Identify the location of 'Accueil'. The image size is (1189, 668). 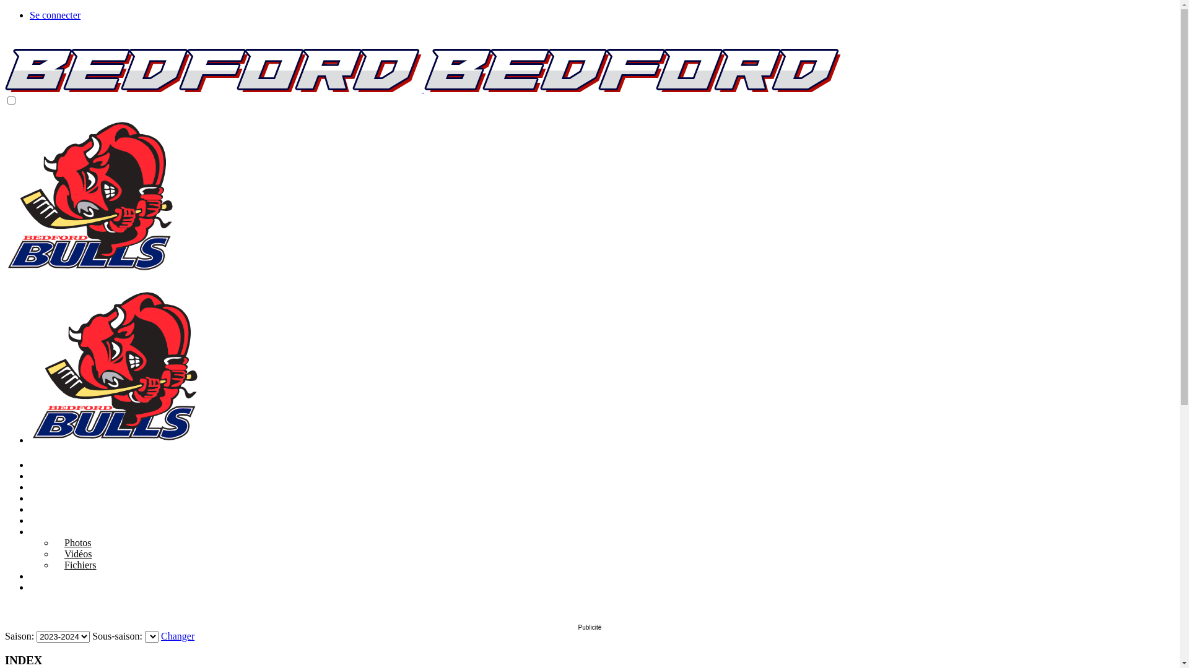
(45, 465).